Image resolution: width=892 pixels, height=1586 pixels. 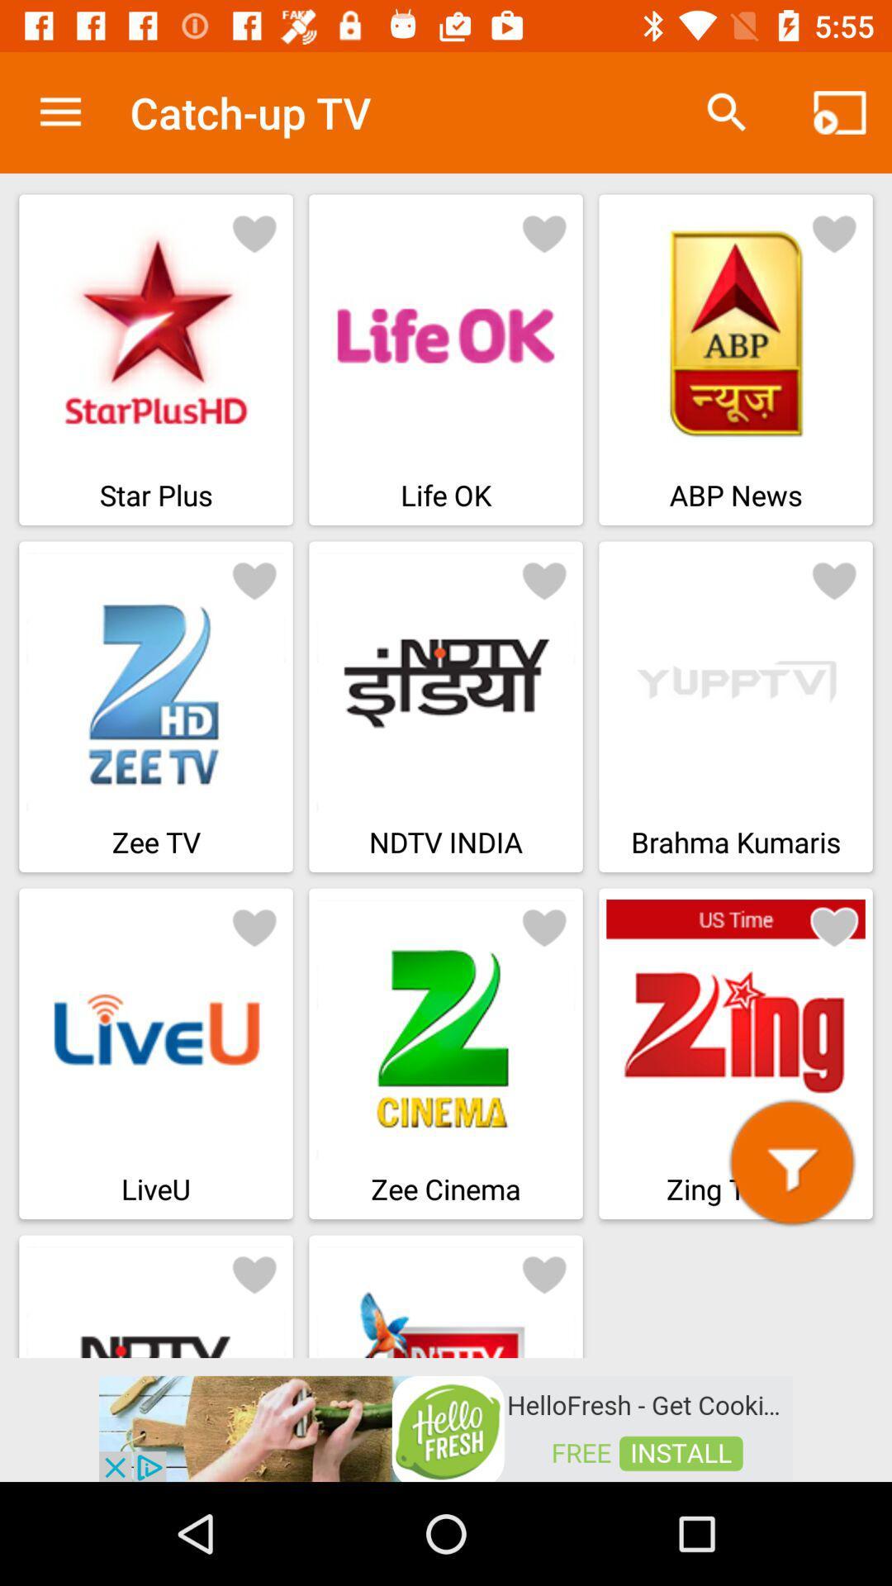 What do you see at coordinates (254, 232) in the screenshot?
I see `to favorite` at bounding box center [254, 232].